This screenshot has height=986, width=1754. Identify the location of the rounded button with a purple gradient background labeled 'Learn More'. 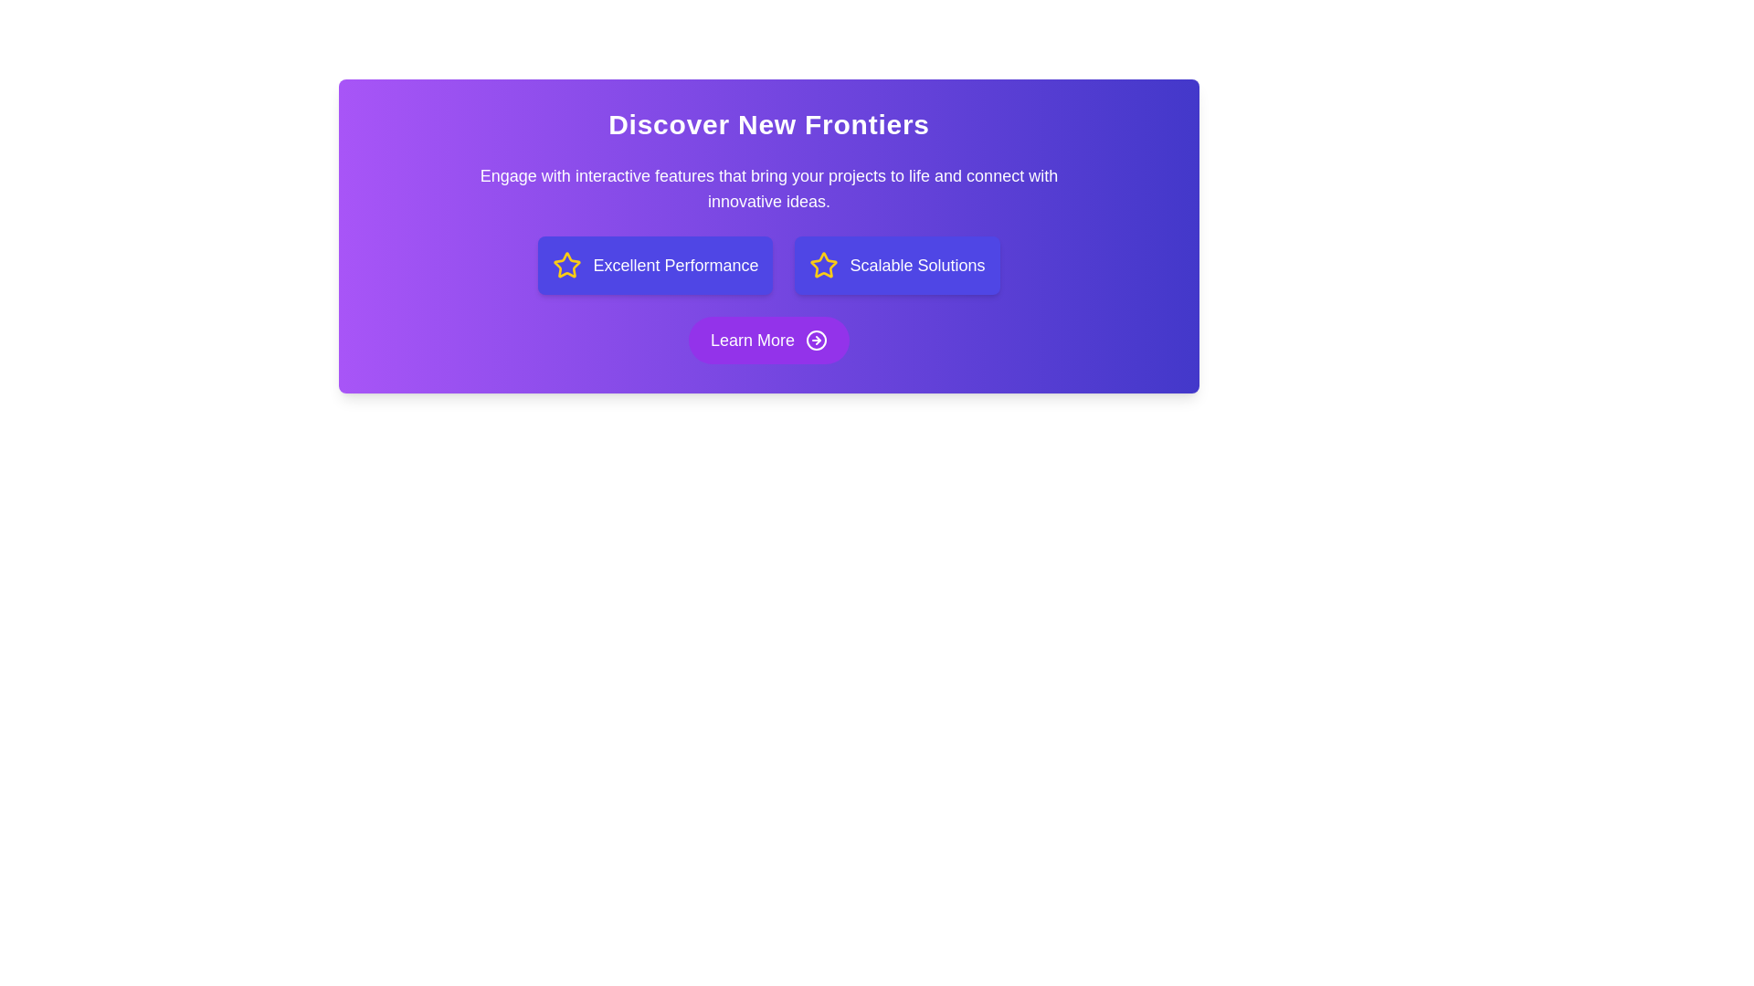
(768, 341).